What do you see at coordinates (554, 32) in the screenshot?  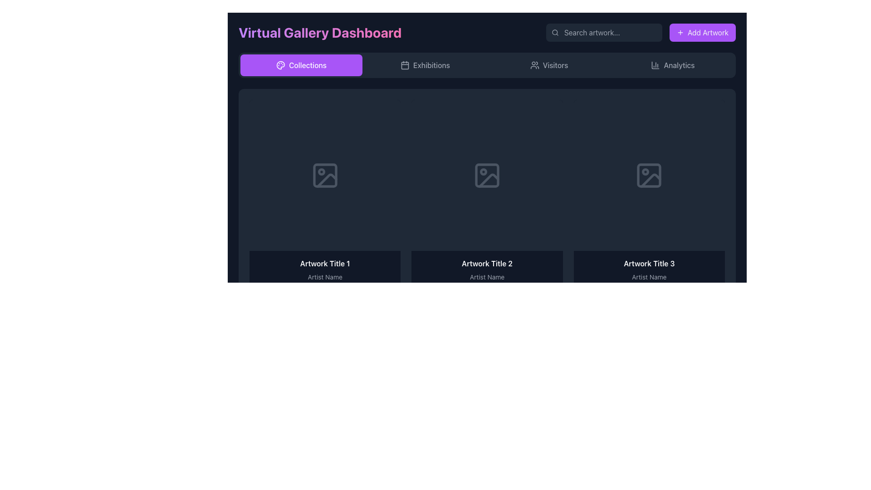 I see `the decorative circular element resembling the lens of a magnifying glass, which is part of the search functionality interface next to the 'Search artwork...' text field` at bounding box center [554, 32].